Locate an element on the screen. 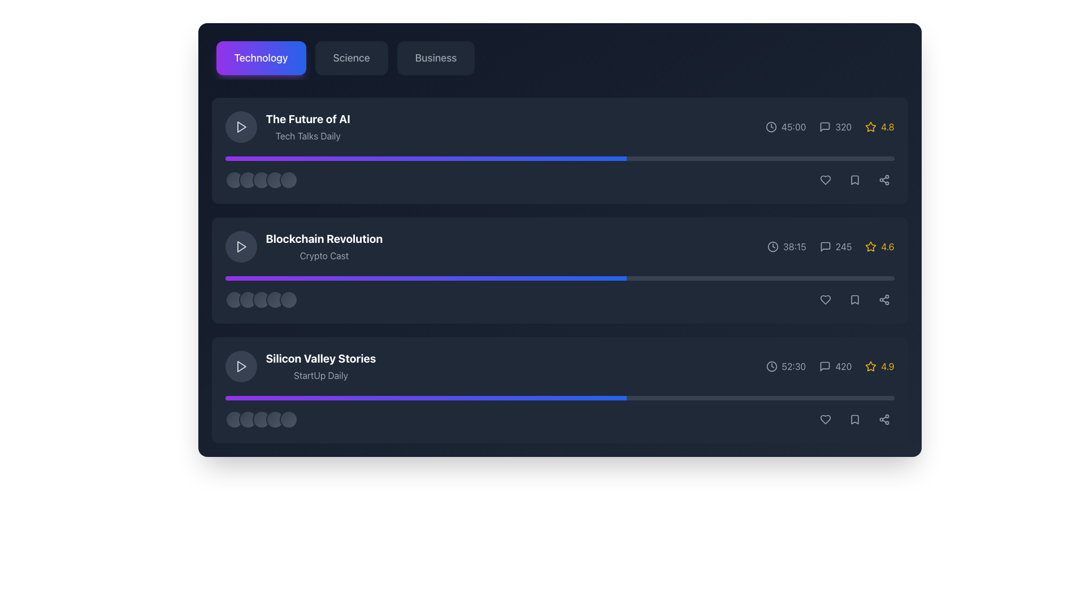 This screenshot has width=1085, height=610. the second button in the navigation tab that filters or displays content related to science, located between the 'Technology' and 'Business' buttons is located at coordinates (351, 58).